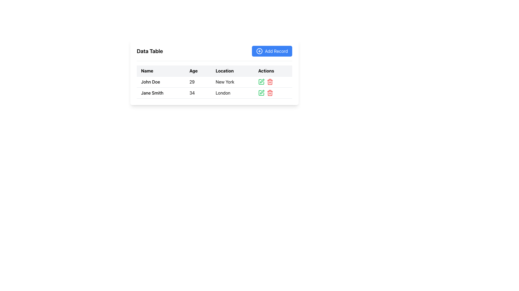 The image size is (519, 291). Describe the element at coordinates (262, 81) in the screenshot. I see `the edit icon with a green outline in the Actions column of the data table for the entry 'Jane Smith, Age: 34, Location: London'` at that location.